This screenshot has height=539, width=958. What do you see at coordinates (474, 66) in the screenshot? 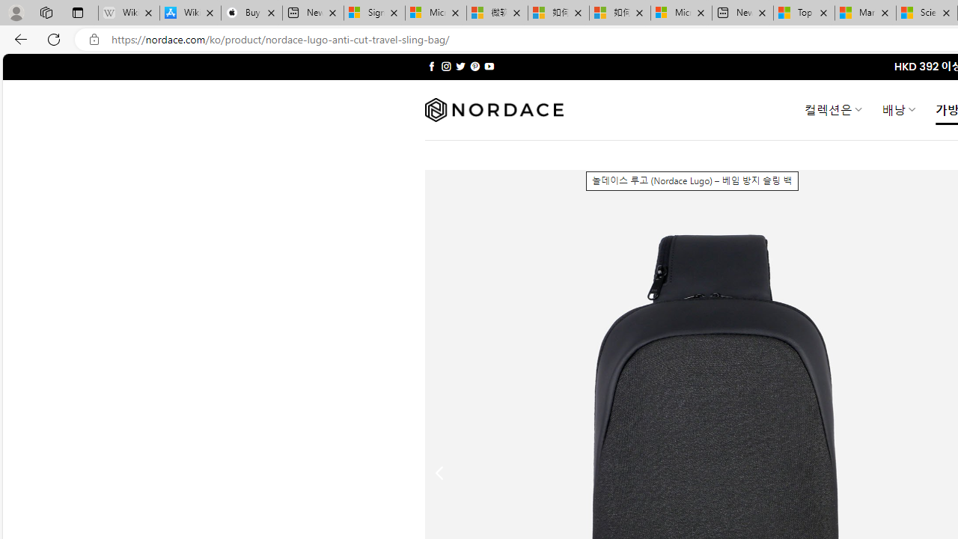
I see `'Follow on Pinterest'` at bounding box center [474, 66].